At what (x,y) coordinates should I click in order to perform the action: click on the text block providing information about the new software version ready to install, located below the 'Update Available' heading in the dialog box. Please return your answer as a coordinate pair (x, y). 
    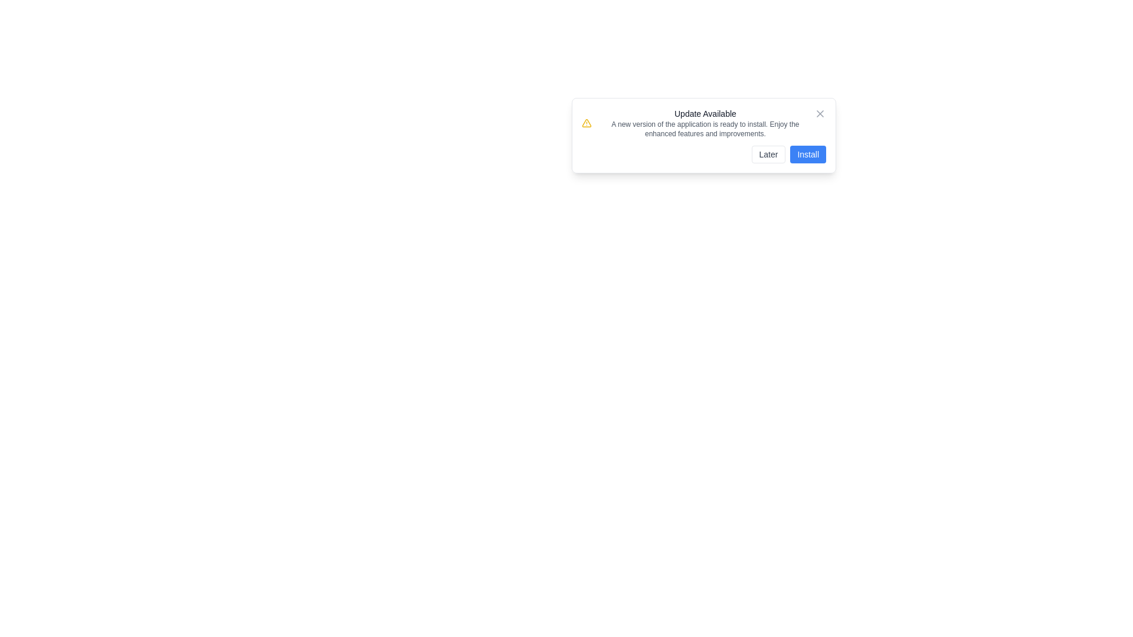
    Looking at the image, I should click on (705, 129).